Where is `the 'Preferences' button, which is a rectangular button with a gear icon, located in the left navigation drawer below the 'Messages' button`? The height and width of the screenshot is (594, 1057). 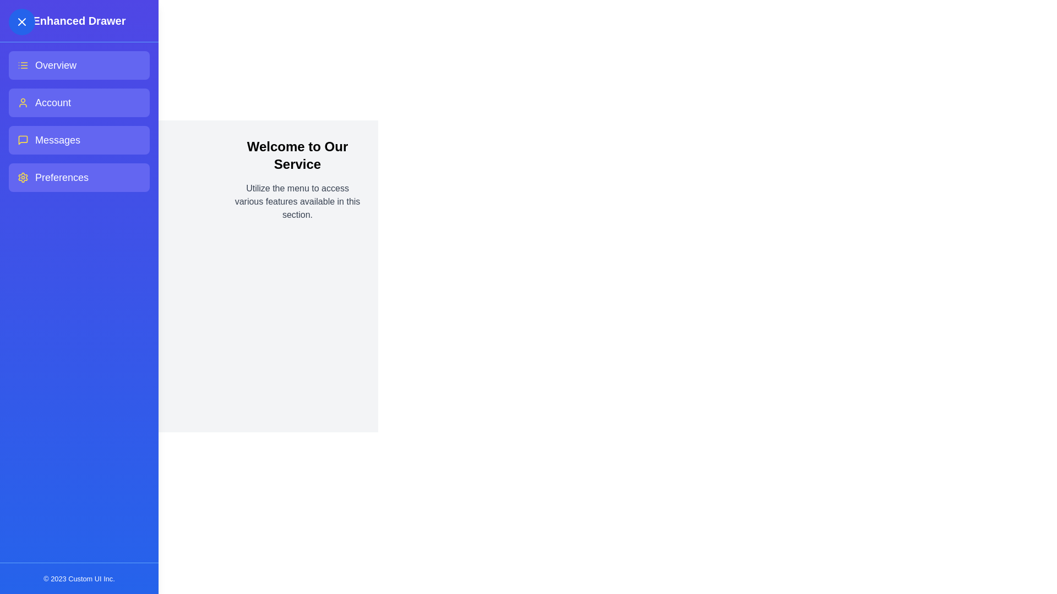 the 'Preferences' button, which is a rectangular button with a gear icon, located in the left navigation drawer below the 'Messages' button is located at coordinates (79, 177).